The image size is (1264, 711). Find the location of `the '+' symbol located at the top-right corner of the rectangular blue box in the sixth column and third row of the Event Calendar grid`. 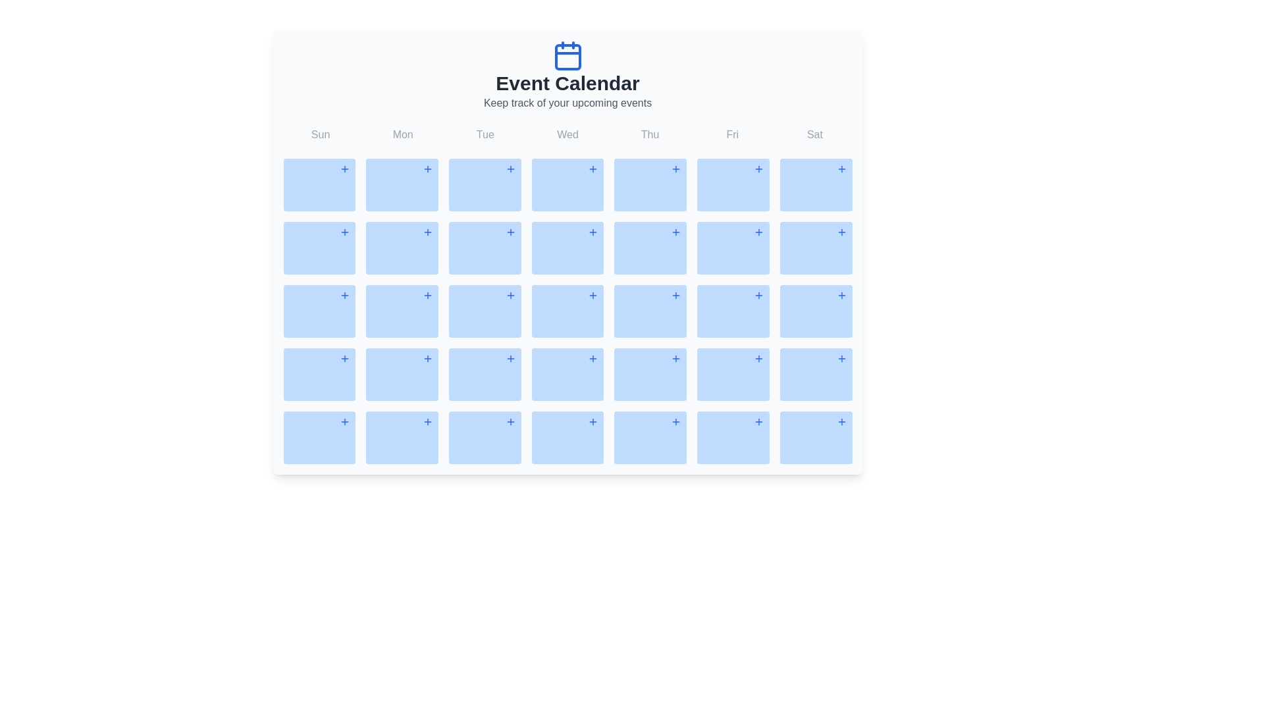

the '+' symbol located at the top-right corner of the rectangular blue box in the sixth column and third row of the Event Calendar grid is located at coordinates (815, 248).